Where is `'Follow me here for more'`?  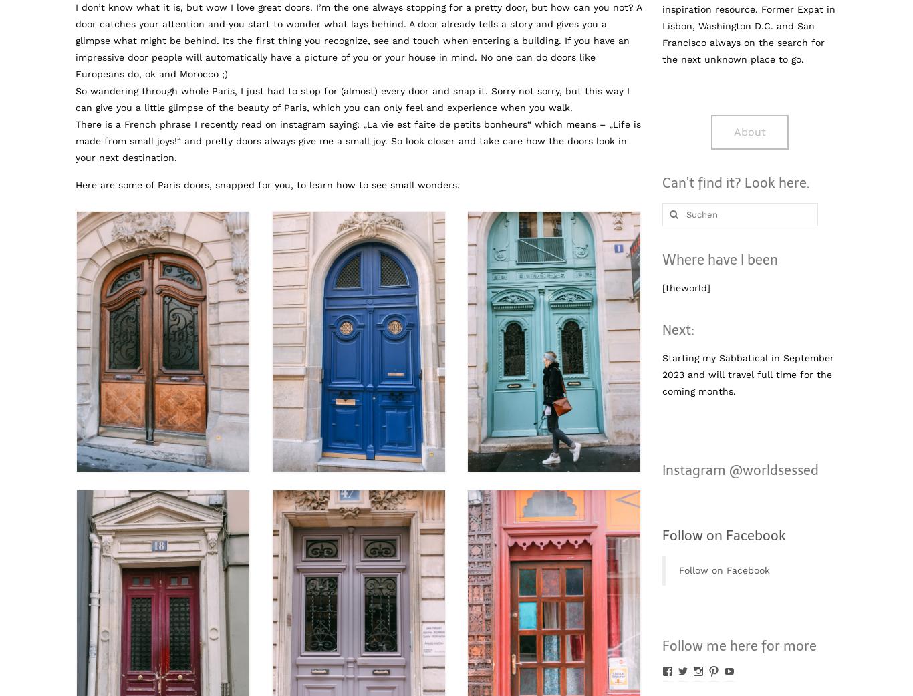
'Follow me here for more' is located at coordinates (738, 645).